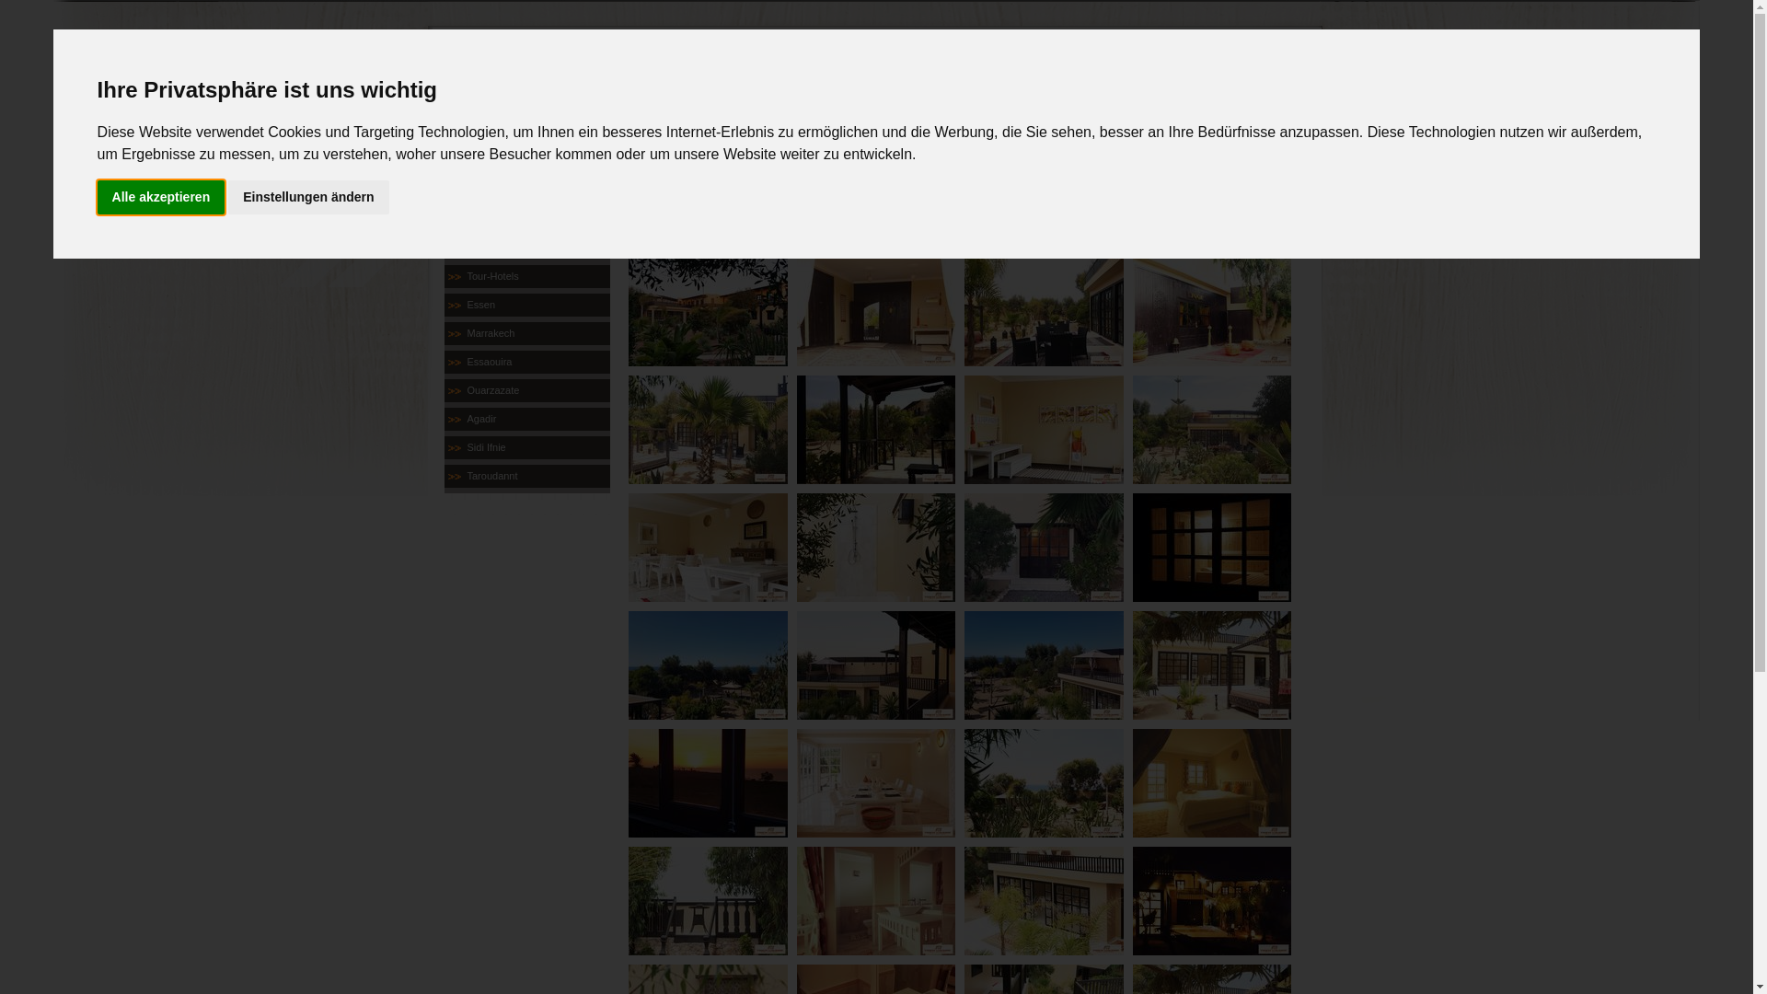 Image resolution: width=1767 pixels, height=994 pixels. What do you see at coordinates (802, 187) in the screenshot?
I see `'BUCHEN/TERMINE'` at bounding box center [802, 187].